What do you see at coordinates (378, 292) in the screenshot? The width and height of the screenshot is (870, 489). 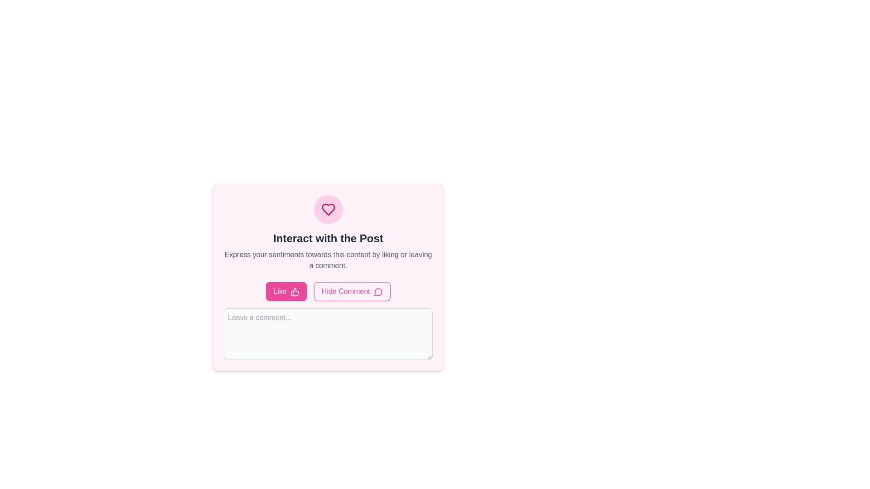 I see `the 'Hide Comment' button which contains a pinkish circular speech bubble icon on its right side` at bounding box center [378, 292].